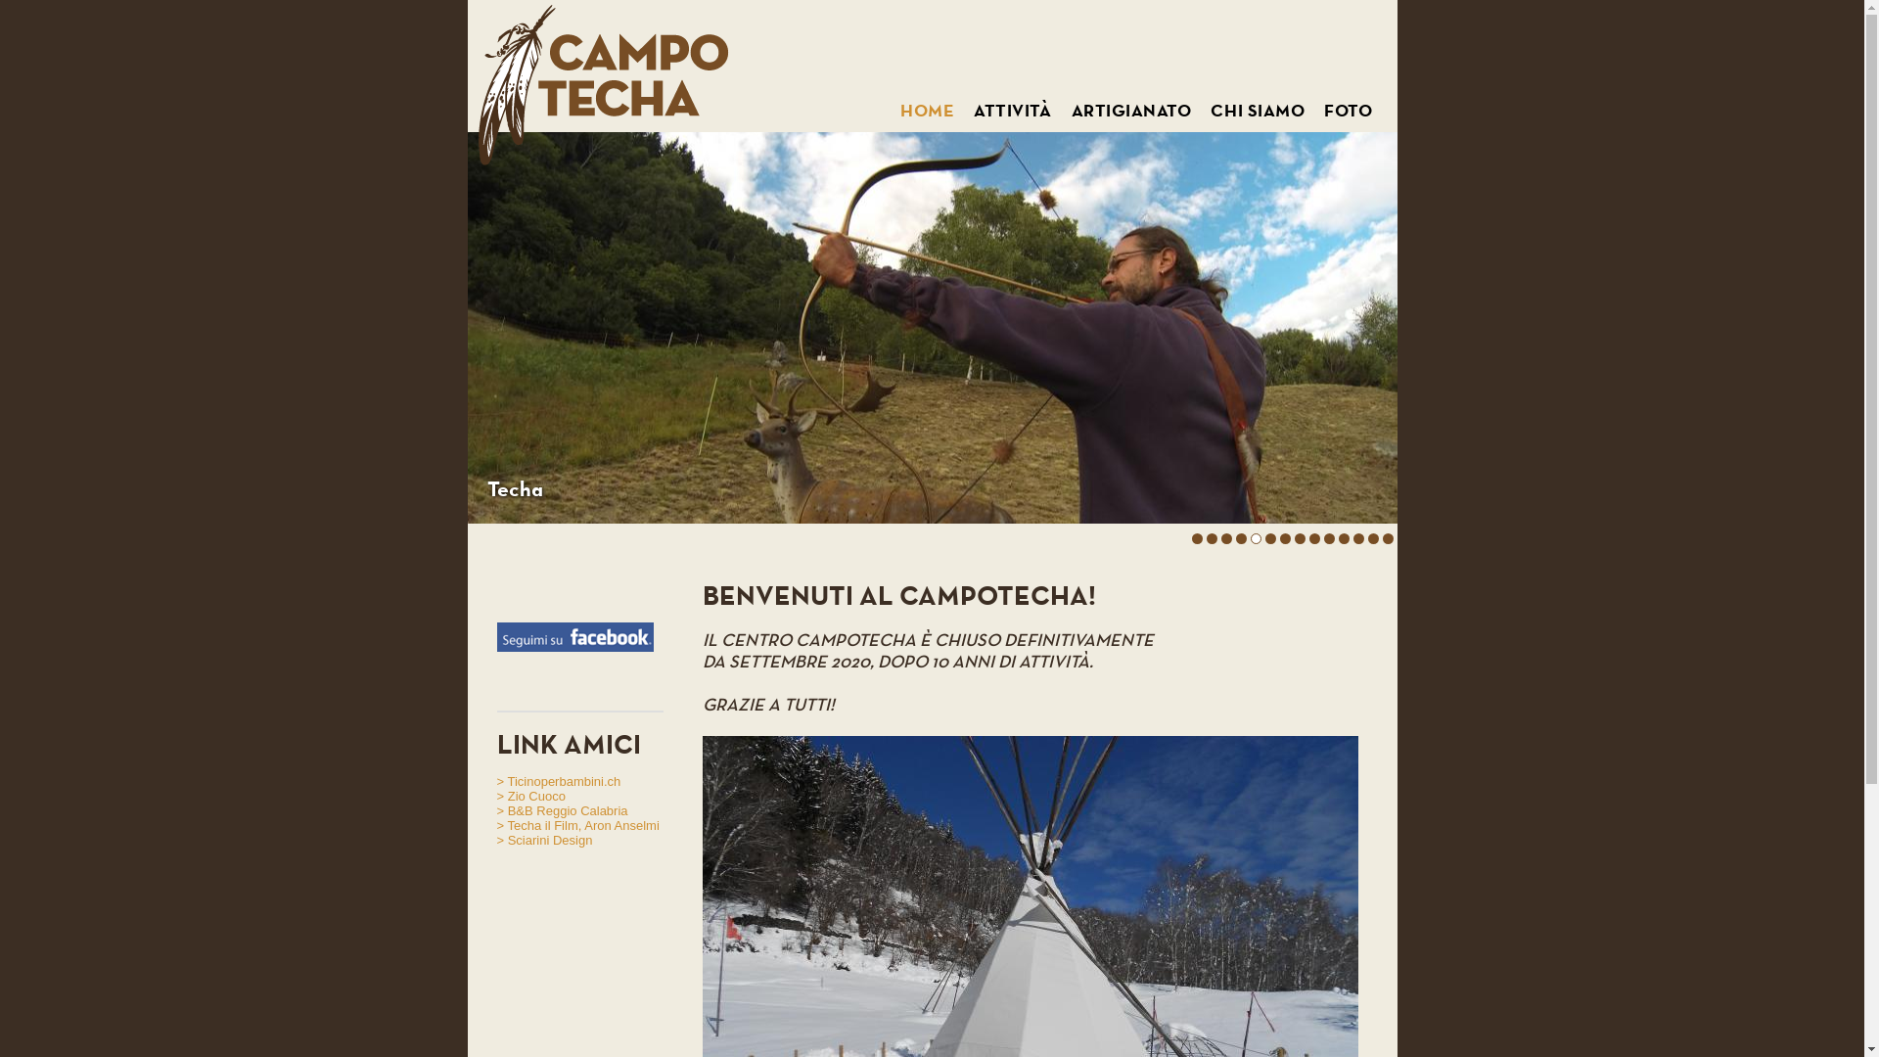 The image size is (1879, 1057). What do you see at coordinates (1281, 541) in the screenshot?
I see `'7'` at bounding box center [1281, 541].